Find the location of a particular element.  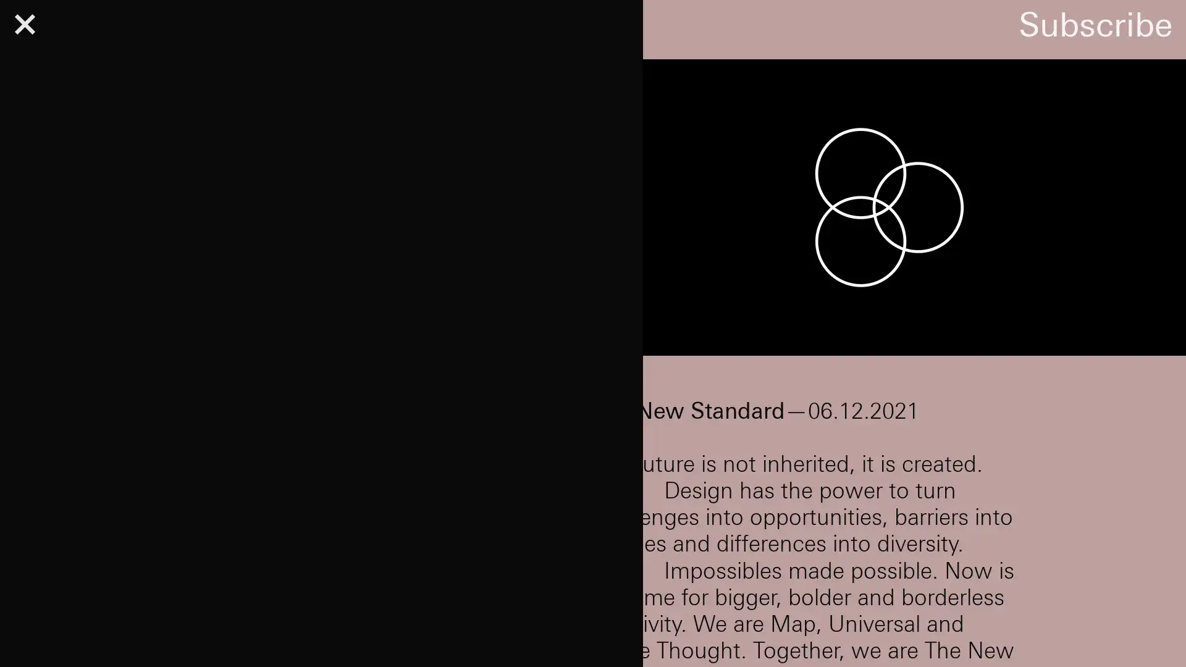

Subscribe is located at coordinates (61, 232).